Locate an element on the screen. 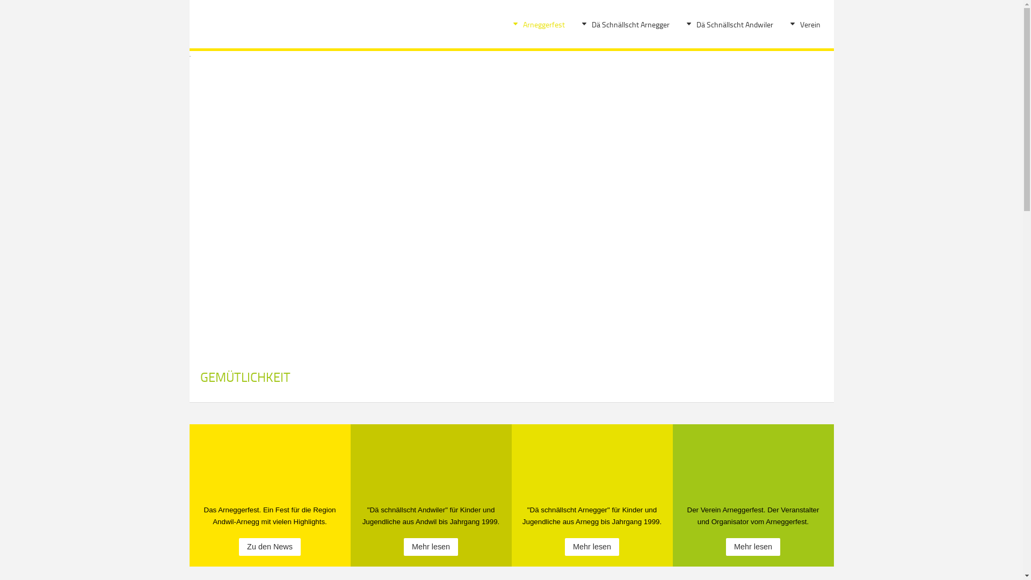  'Mehr lesen' is located at coordinates (431, 547).